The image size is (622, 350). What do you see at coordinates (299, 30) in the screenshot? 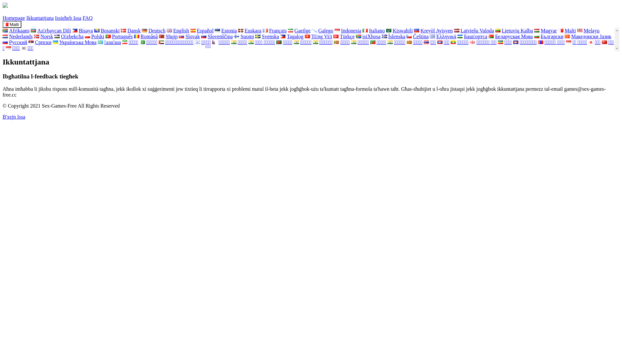
I see `'Gaeilge'` at bounding box center [299, 30].